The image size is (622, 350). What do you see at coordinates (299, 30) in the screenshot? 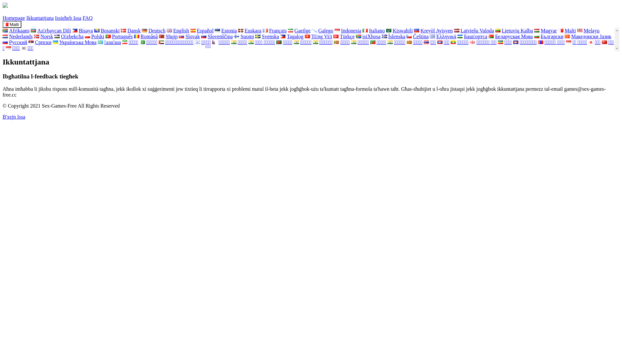
I see `'Gaeilge'` at bounding box center [299, 30].